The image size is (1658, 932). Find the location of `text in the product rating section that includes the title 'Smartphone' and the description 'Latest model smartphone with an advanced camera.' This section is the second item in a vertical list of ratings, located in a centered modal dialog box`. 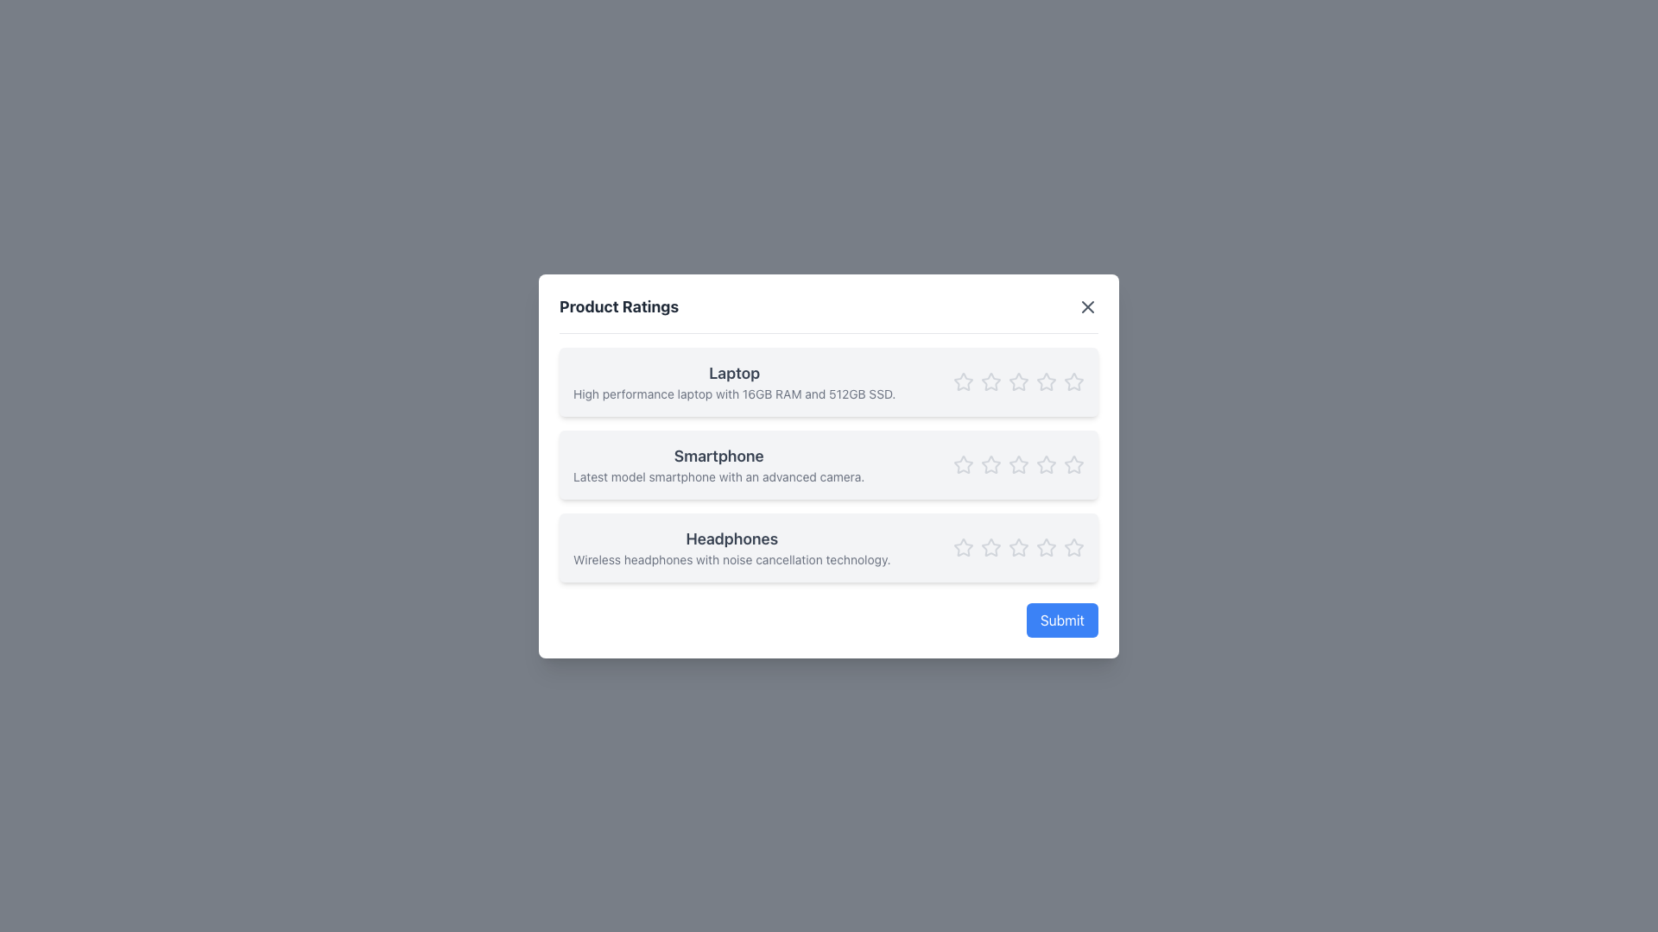

text in the product rating section that includes the title 'Smartphone' and the description 'Latest model smartphone with an advanced camera.' This section is the second item in a vertical list of ratings, located in a centered modal dialog box is located at coordinates (829, 466).